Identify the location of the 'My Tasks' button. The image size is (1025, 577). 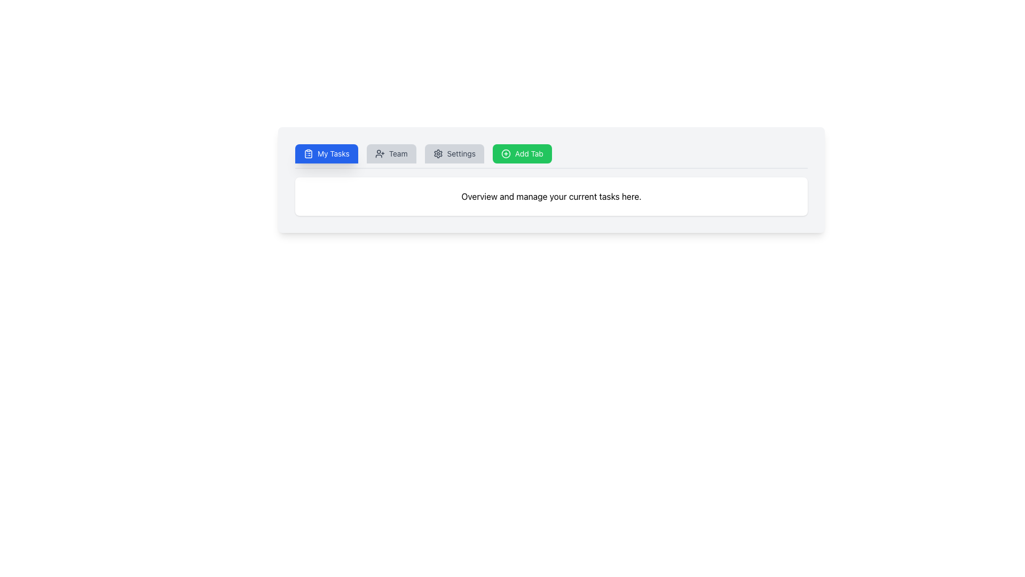
(326, 154).